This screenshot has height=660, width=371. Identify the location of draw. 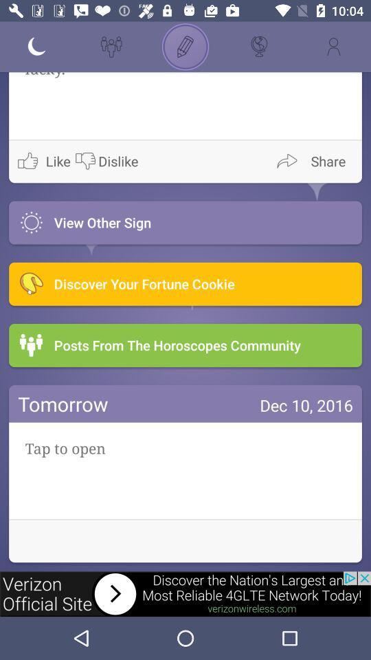
(185, 47).